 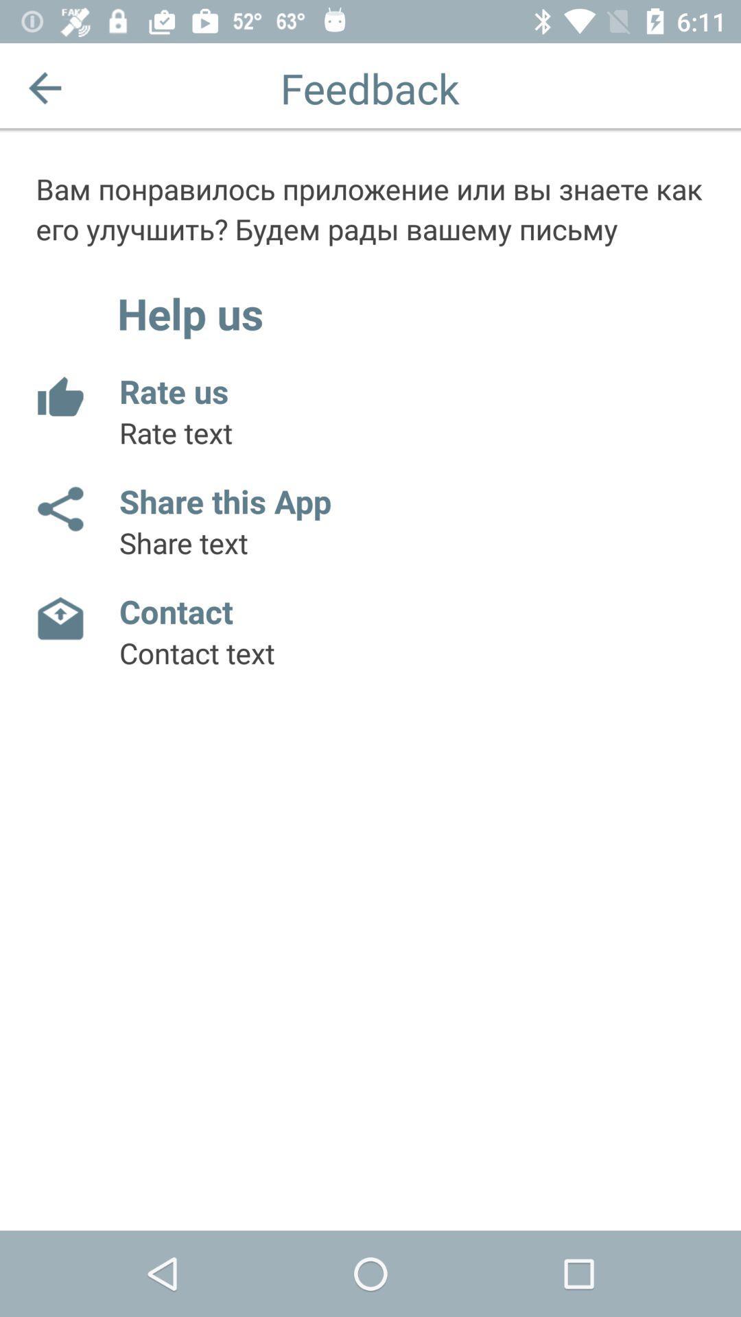 I want to click on contact app owner, so click(x=59, y=618).